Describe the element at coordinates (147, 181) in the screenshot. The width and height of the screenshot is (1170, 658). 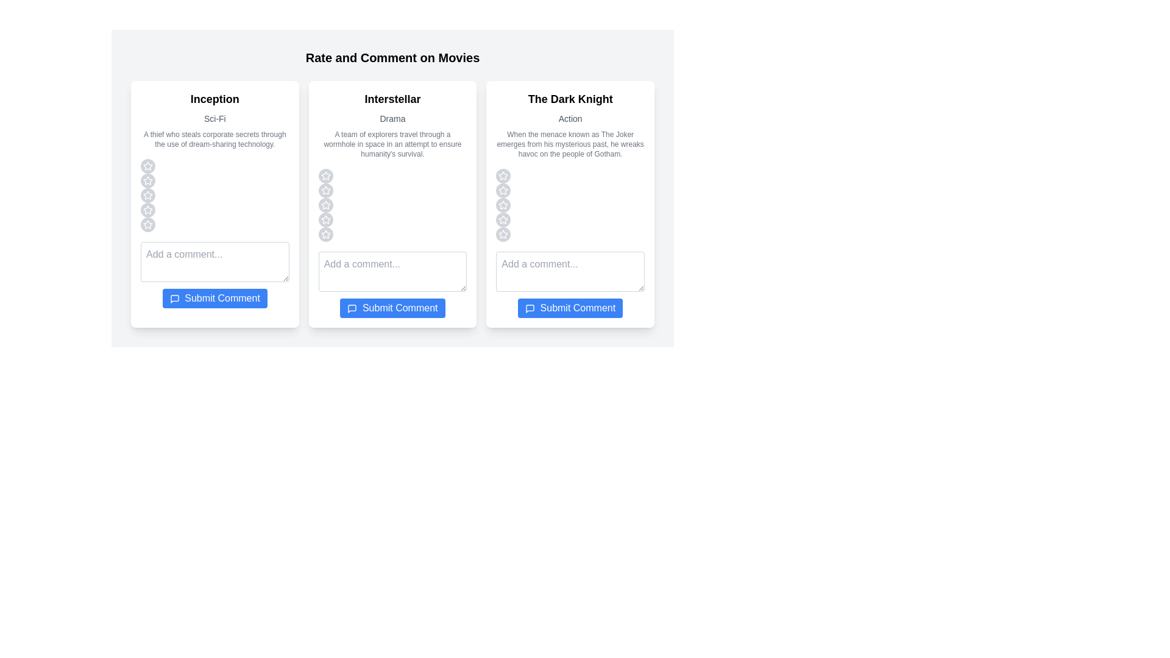
I see `the star corresponding to the rating 2 for the movie Inception` at that location.